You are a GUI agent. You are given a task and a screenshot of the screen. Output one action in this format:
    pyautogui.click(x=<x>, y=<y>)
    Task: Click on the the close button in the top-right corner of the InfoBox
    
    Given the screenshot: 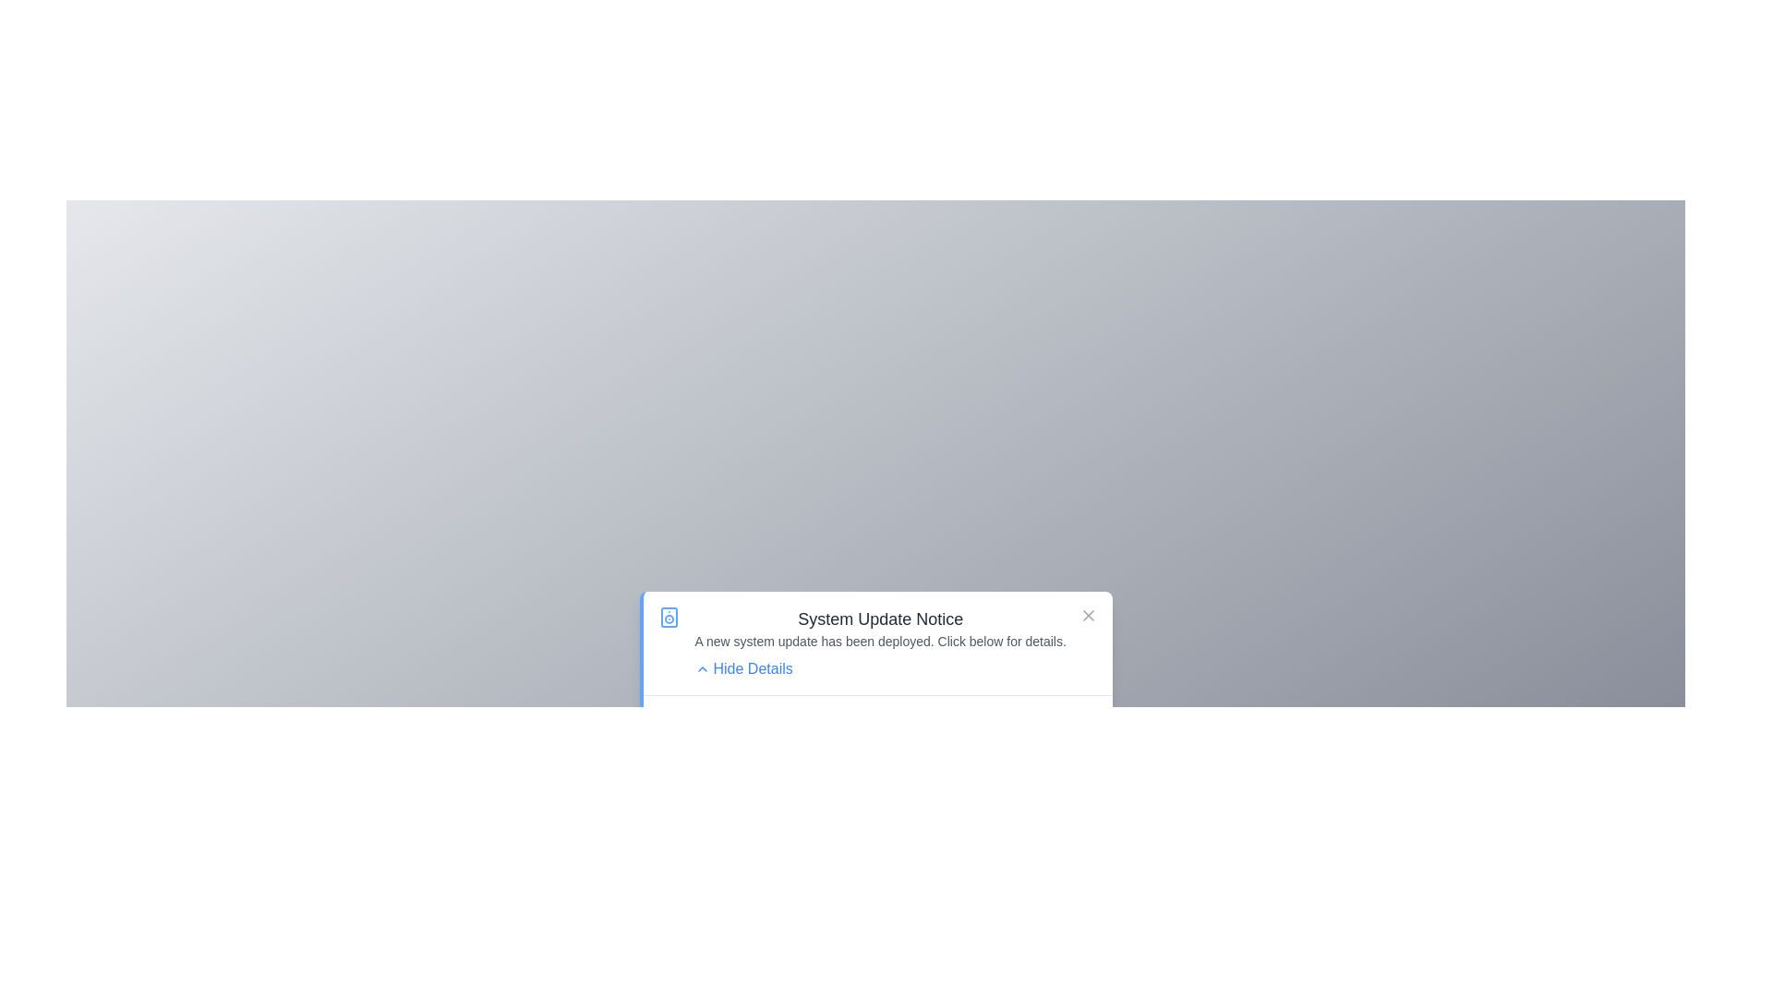 What is the action you would take?
    pyautogui.click(x=1088, y=615)
    